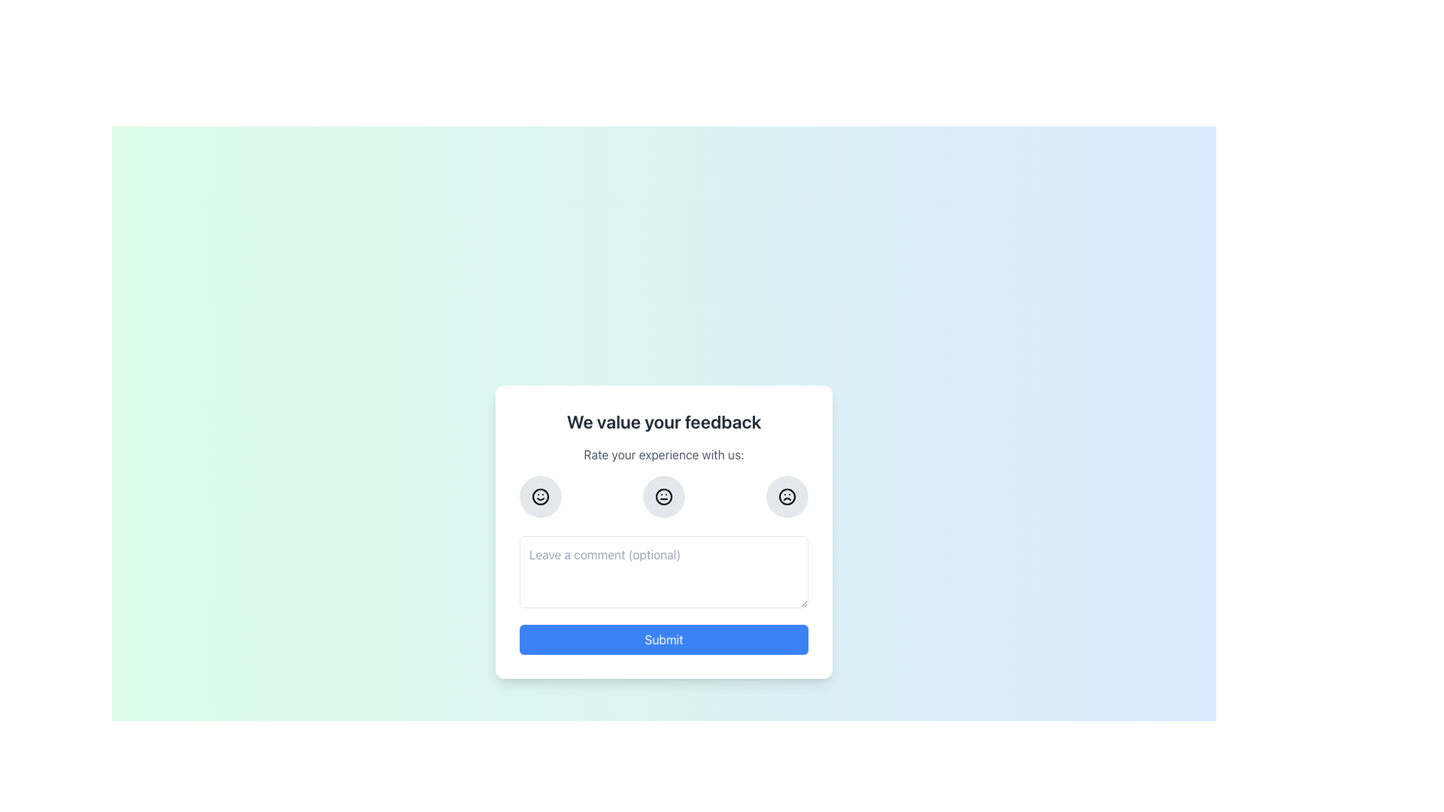 The width and height of the screenshot is (1444, 812). I want to click on the circular frown face icon located at the rightmost side of the row under the text 'Rate your experience with us:', so click(786, 496).